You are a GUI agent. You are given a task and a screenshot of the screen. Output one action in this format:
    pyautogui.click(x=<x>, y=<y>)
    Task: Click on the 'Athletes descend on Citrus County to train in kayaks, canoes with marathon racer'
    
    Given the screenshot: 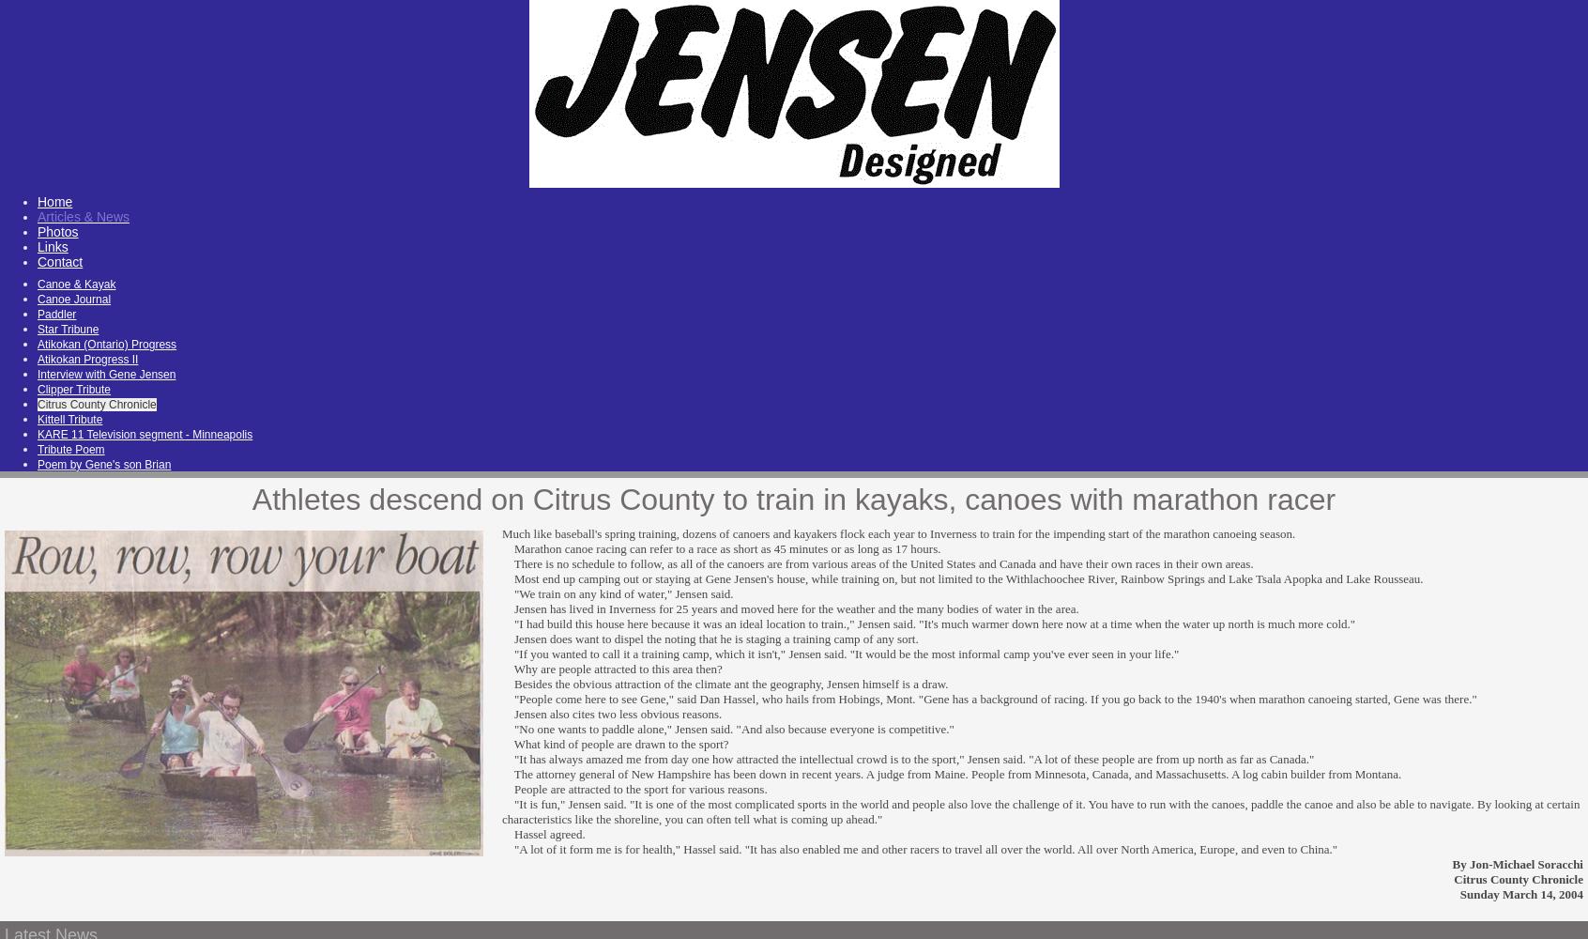 What is the action you would take?
    pyautogui.click(x=793, y=500)
    